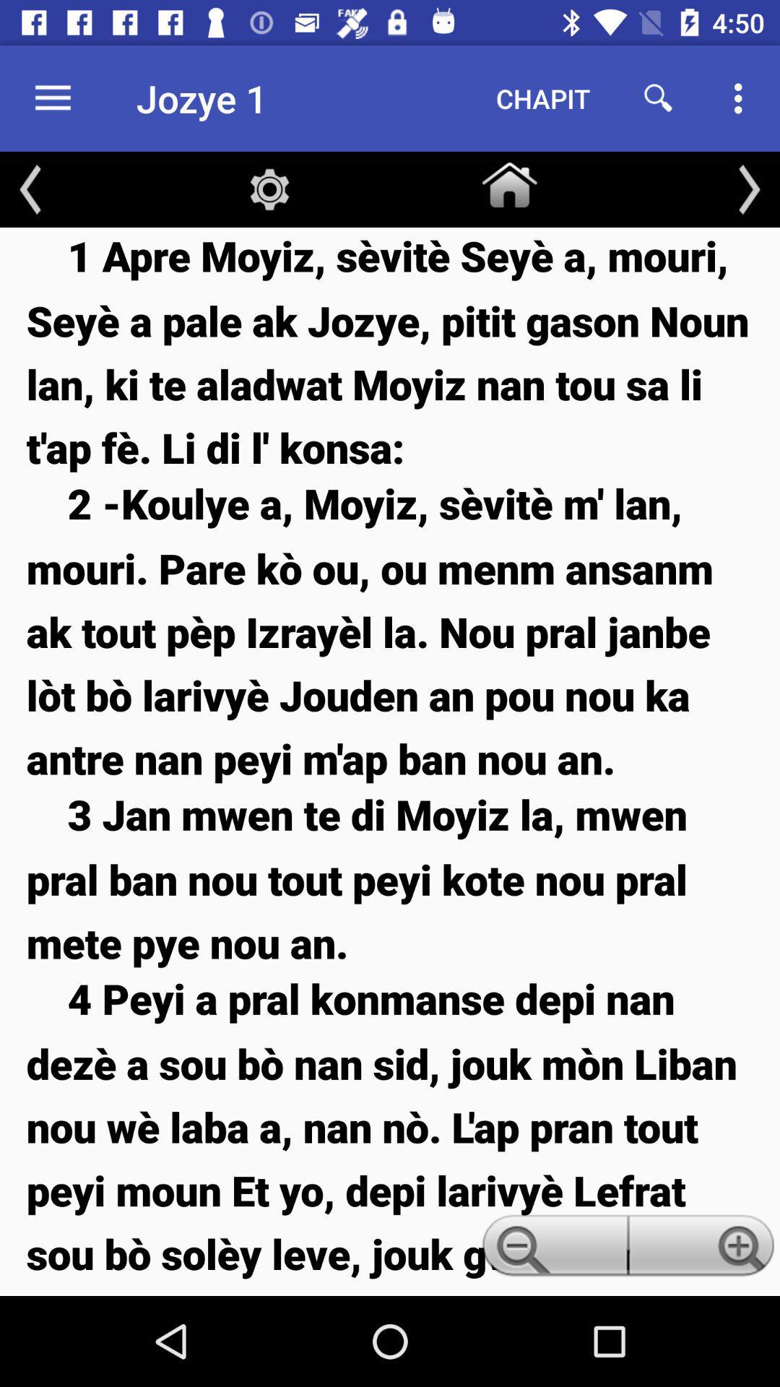 This screenshot has height=1387, width=780. Describe the element at coordinates (508, 181) in the screenshot. I see `item below the chapit item` at that location.